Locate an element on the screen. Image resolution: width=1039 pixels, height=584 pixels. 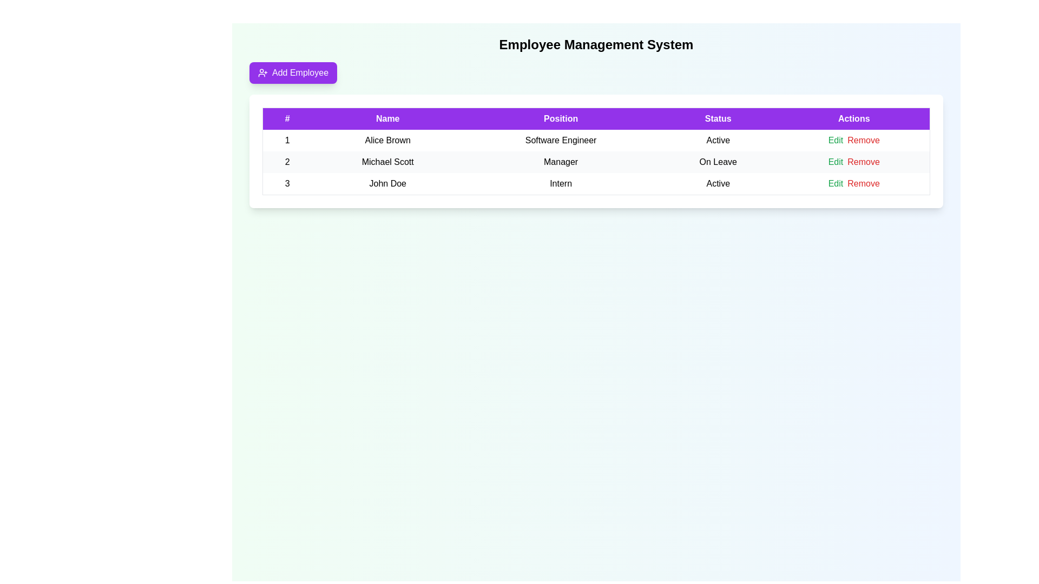
the static text element that serves as the row identifier for 'John Doe' in the first column of the third row of the table is located at coordinates (287, 183).